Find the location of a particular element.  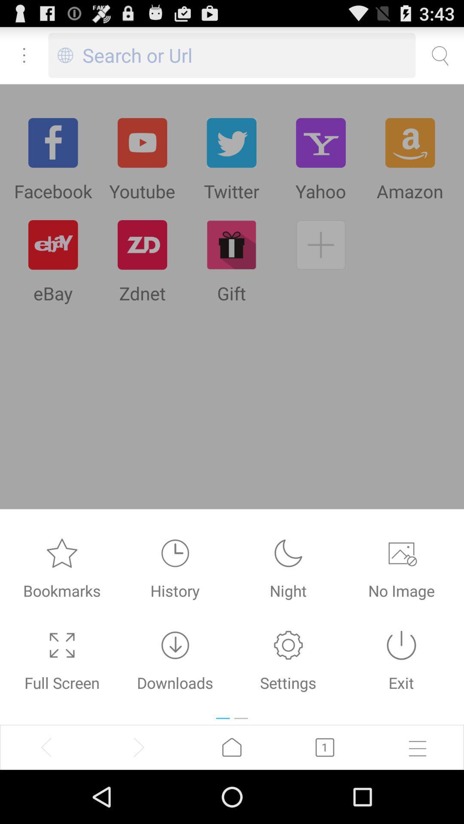

the book icon is located at coordinates (325, 799).